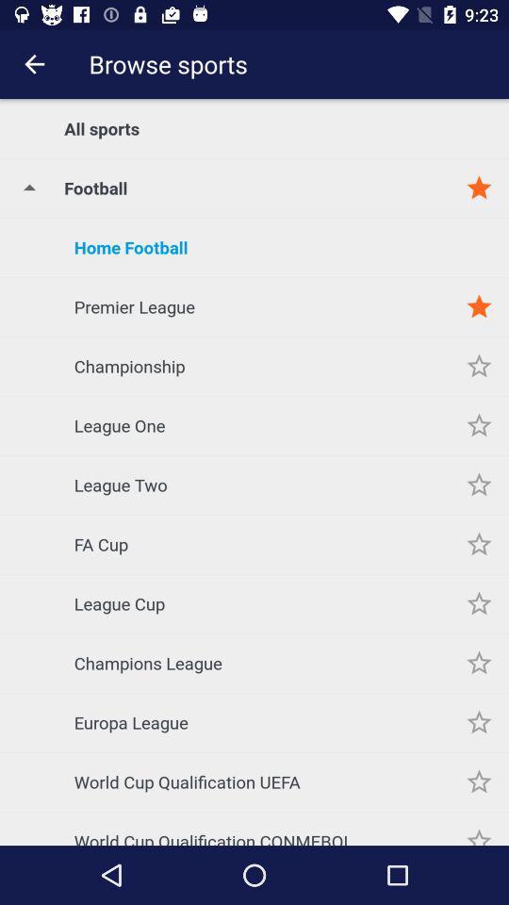  I want to click on star, so click(479, 544).